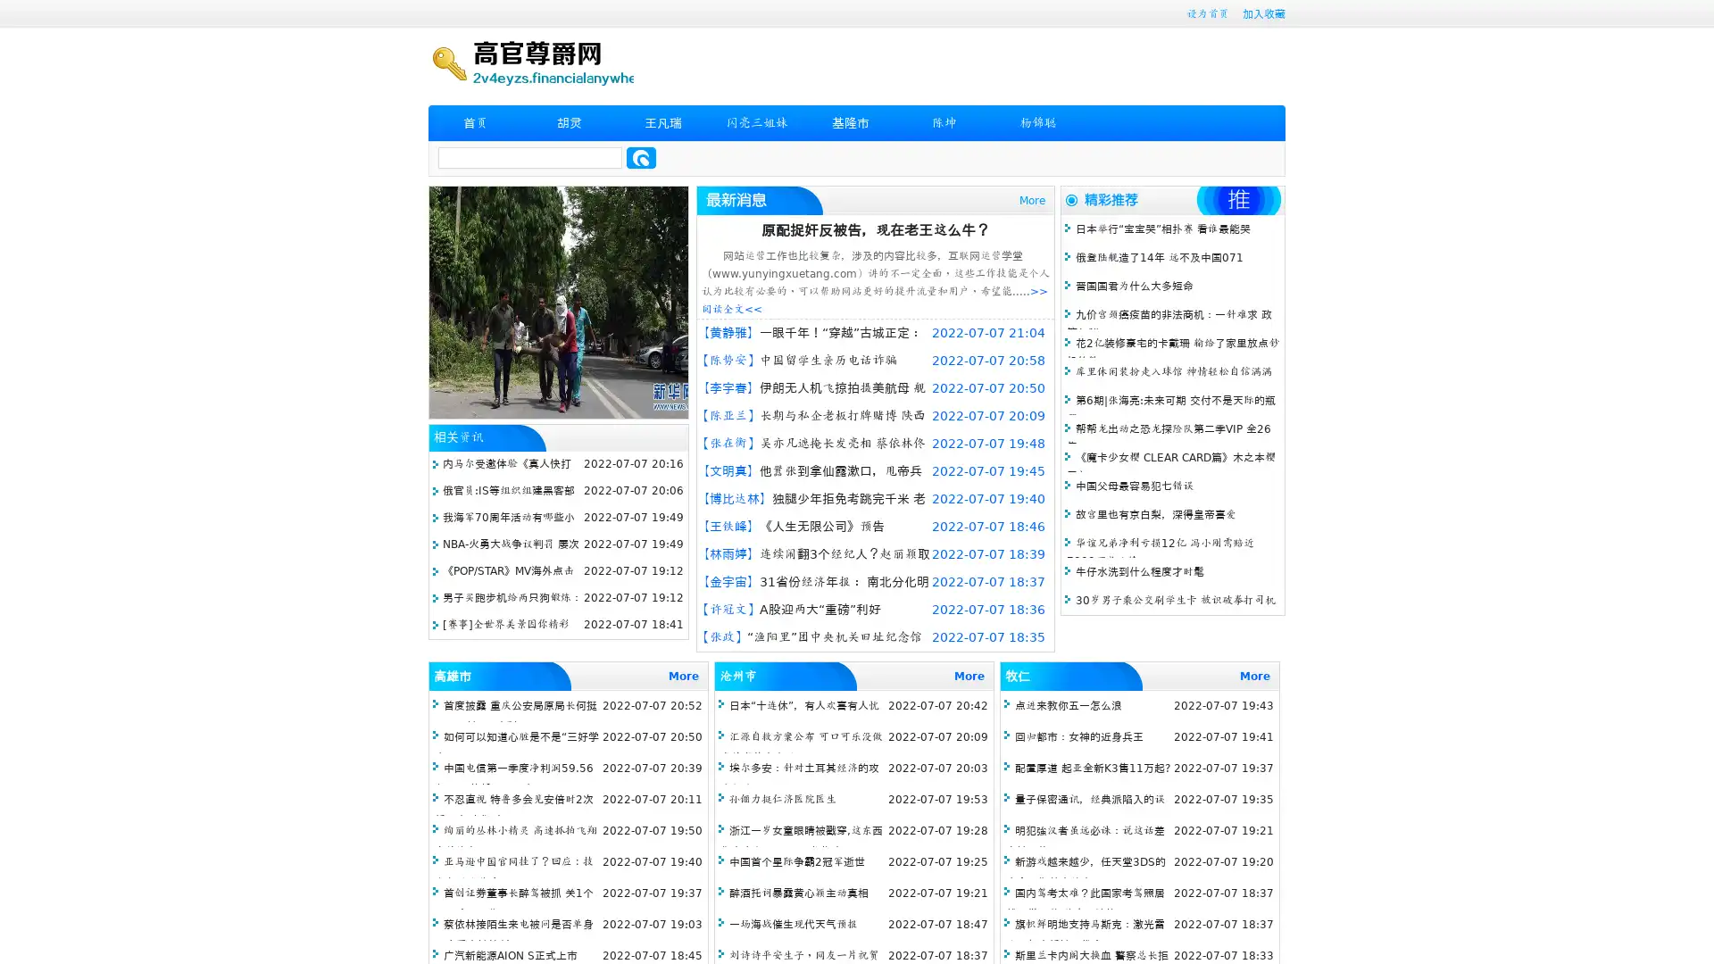  What do you see at coordinates (641, 157) in the screenshot?
I see `Search` at bounding box center [641, 157].